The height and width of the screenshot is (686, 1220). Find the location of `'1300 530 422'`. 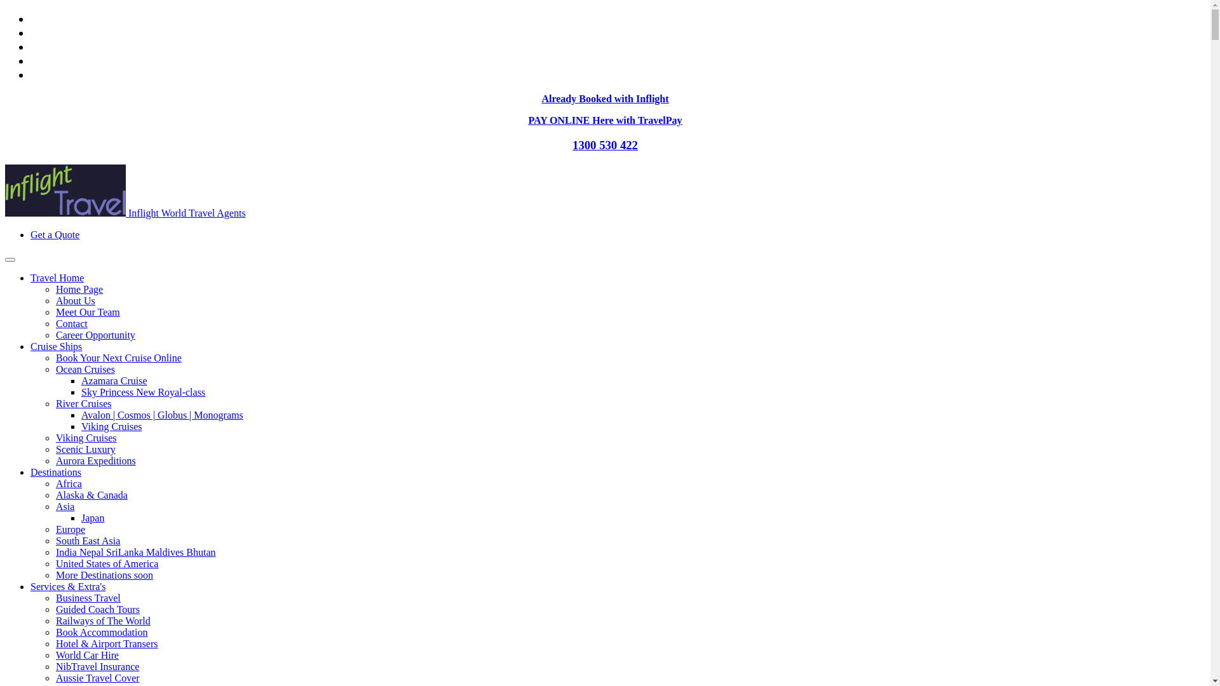

'1300 530 422' is located at coordinates (604, 144).